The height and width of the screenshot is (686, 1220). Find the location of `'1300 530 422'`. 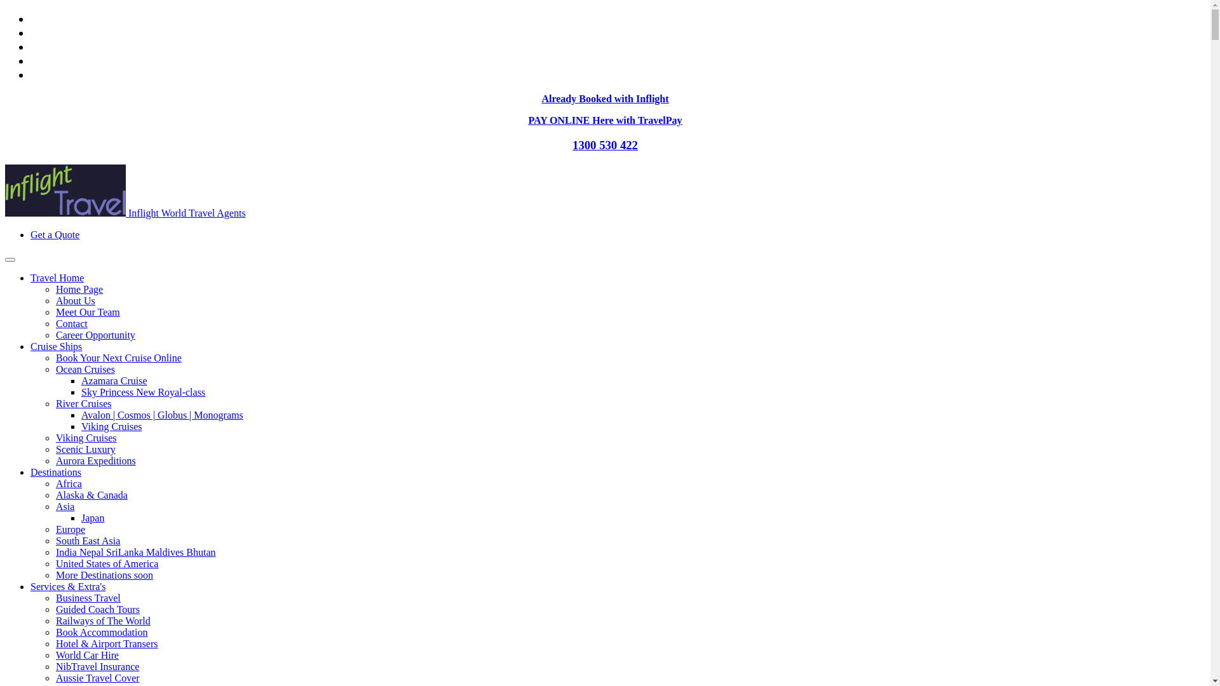

'1300 530 422' is located at coordinates (604, 144).